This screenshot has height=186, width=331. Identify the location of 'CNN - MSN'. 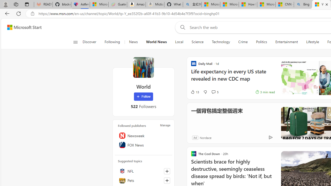
(284, 4).